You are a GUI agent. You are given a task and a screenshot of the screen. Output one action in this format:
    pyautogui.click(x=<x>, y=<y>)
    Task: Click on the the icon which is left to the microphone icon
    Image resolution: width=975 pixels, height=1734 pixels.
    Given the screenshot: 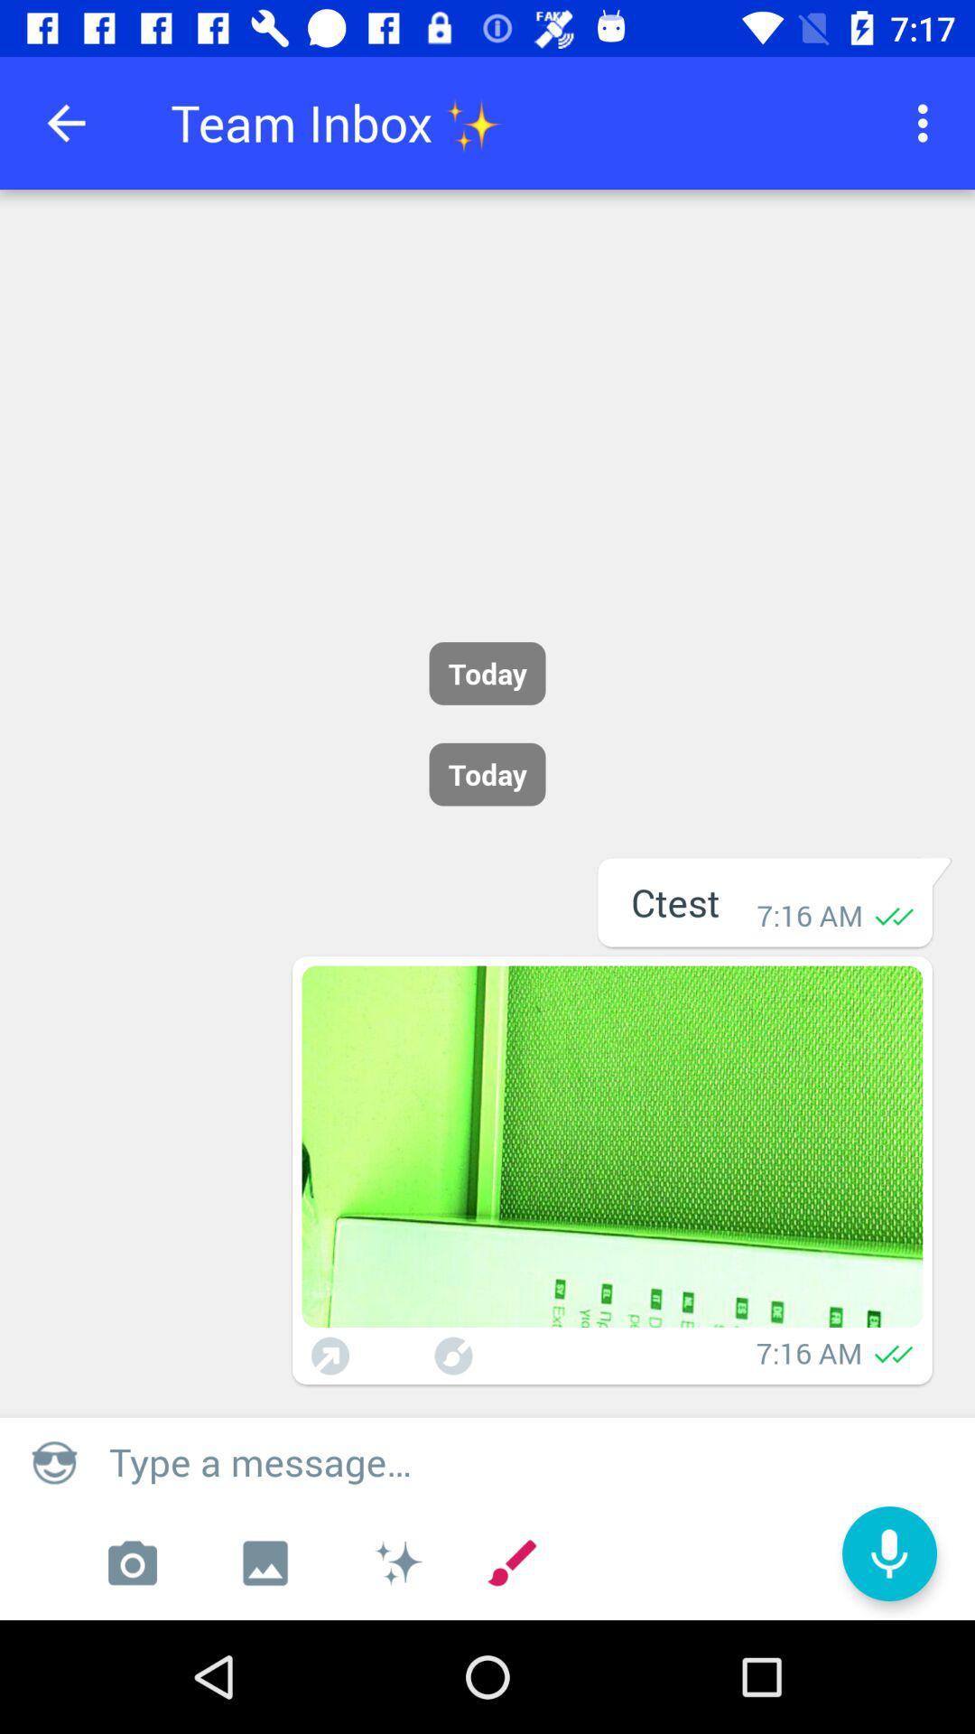 What is the action you would take?
    pyautogui.click(x=512, y=1562)
    